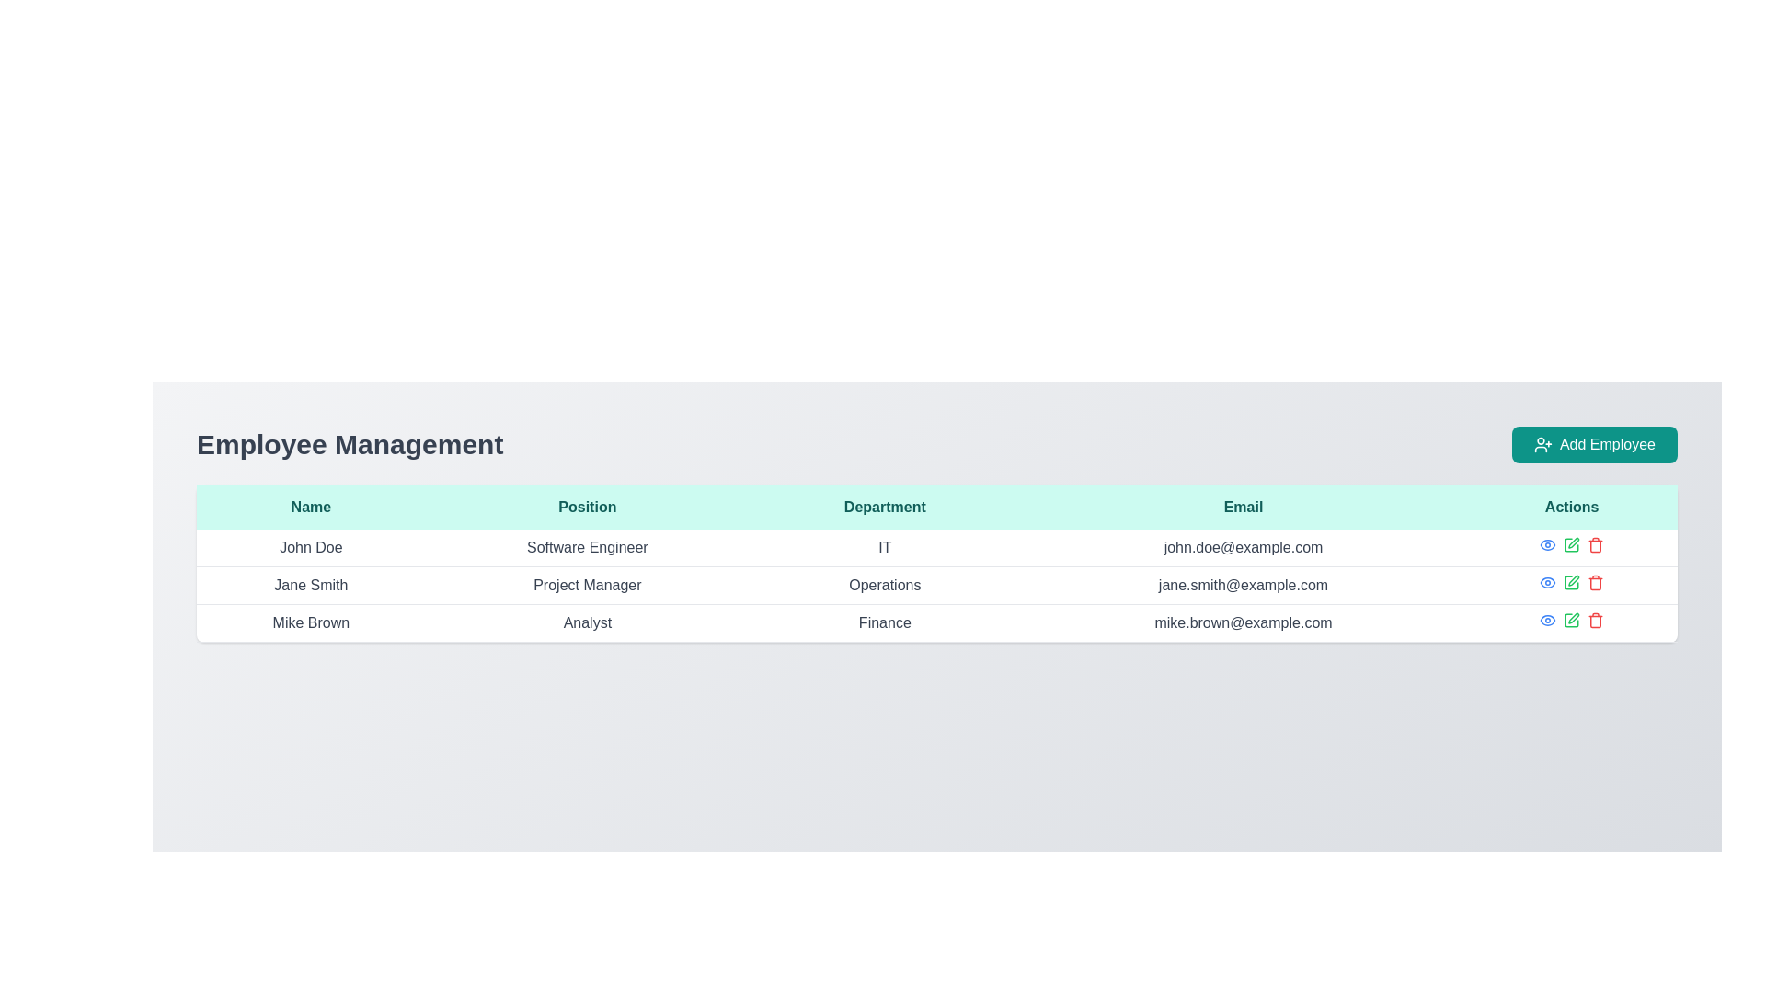  I want to click on the edit icon (pen) in the Actions column of the Employee Management table for Mike Brown, so click(1573, 618).